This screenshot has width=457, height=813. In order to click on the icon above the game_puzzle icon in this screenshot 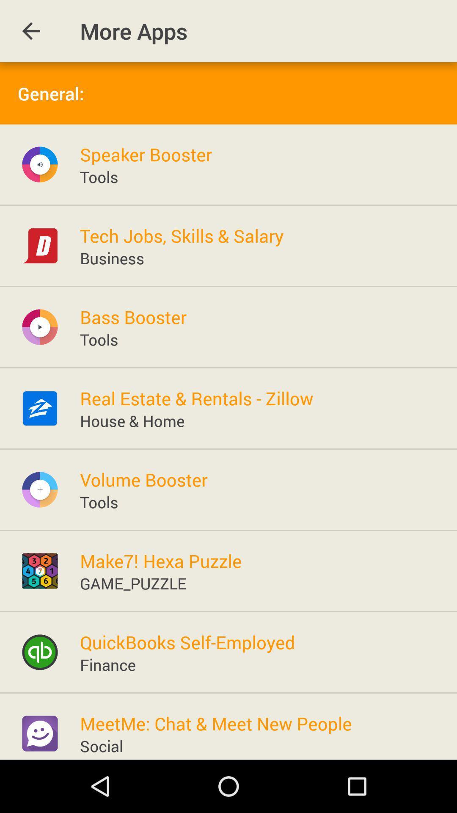, I will do `click(161, 561)`.